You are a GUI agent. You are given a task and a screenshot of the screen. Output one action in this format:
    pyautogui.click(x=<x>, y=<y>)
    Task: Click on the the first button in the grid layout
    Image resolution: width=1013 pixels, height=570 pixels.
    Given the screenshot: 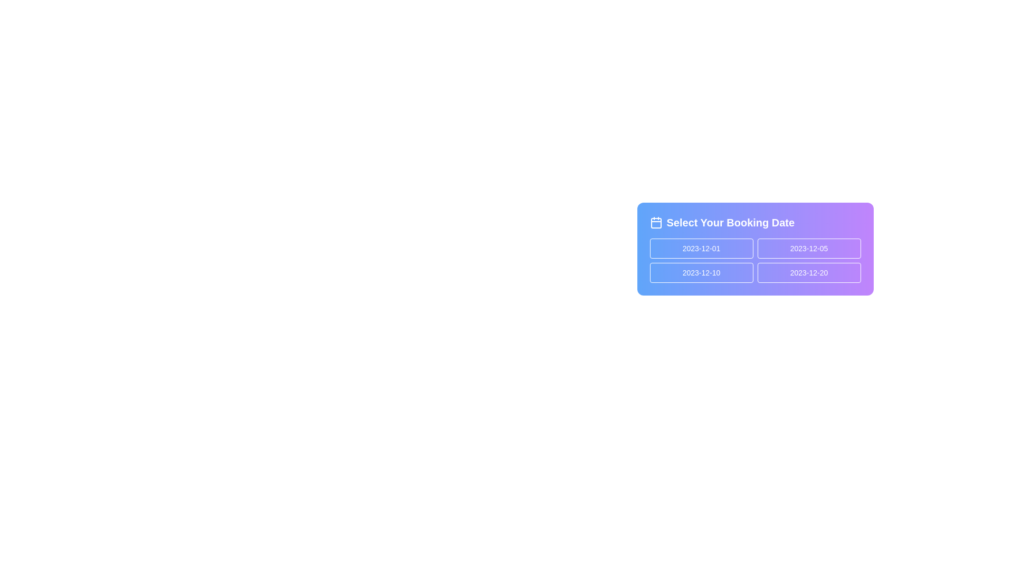 What is the action you would take?
    pyautogui.click(x=701, y=248)
    